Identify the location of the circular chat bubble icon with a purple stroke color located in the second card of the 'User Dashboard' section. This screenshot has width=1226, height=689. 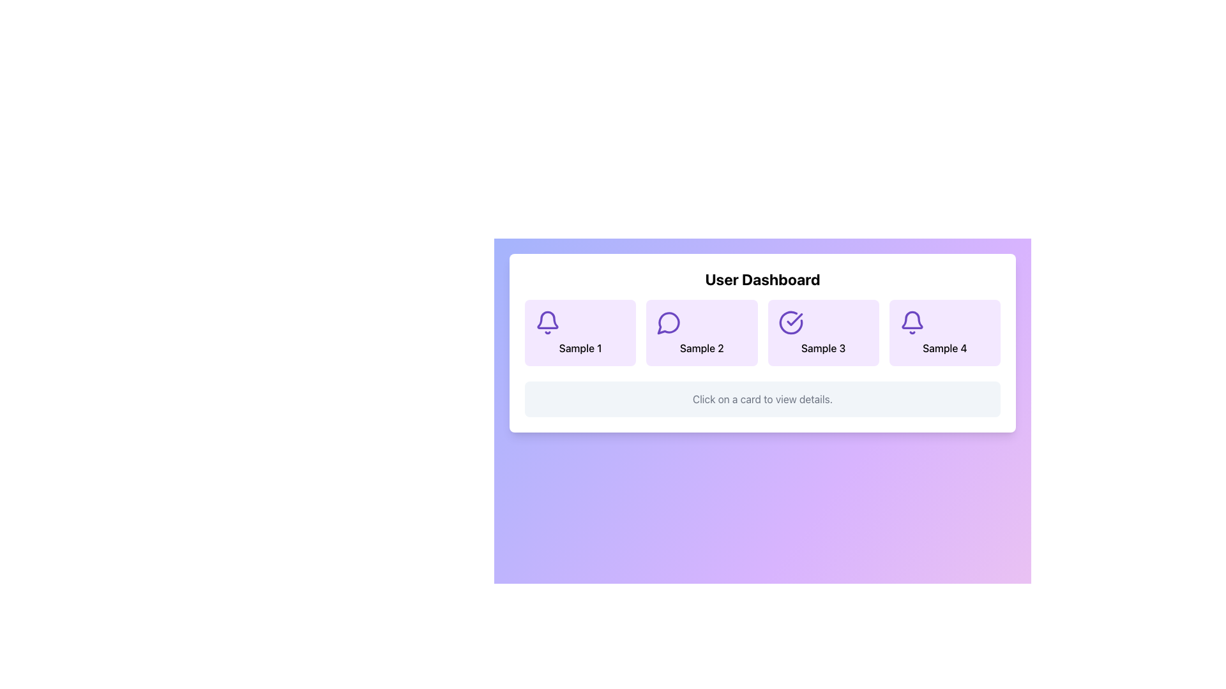
(668, 322).